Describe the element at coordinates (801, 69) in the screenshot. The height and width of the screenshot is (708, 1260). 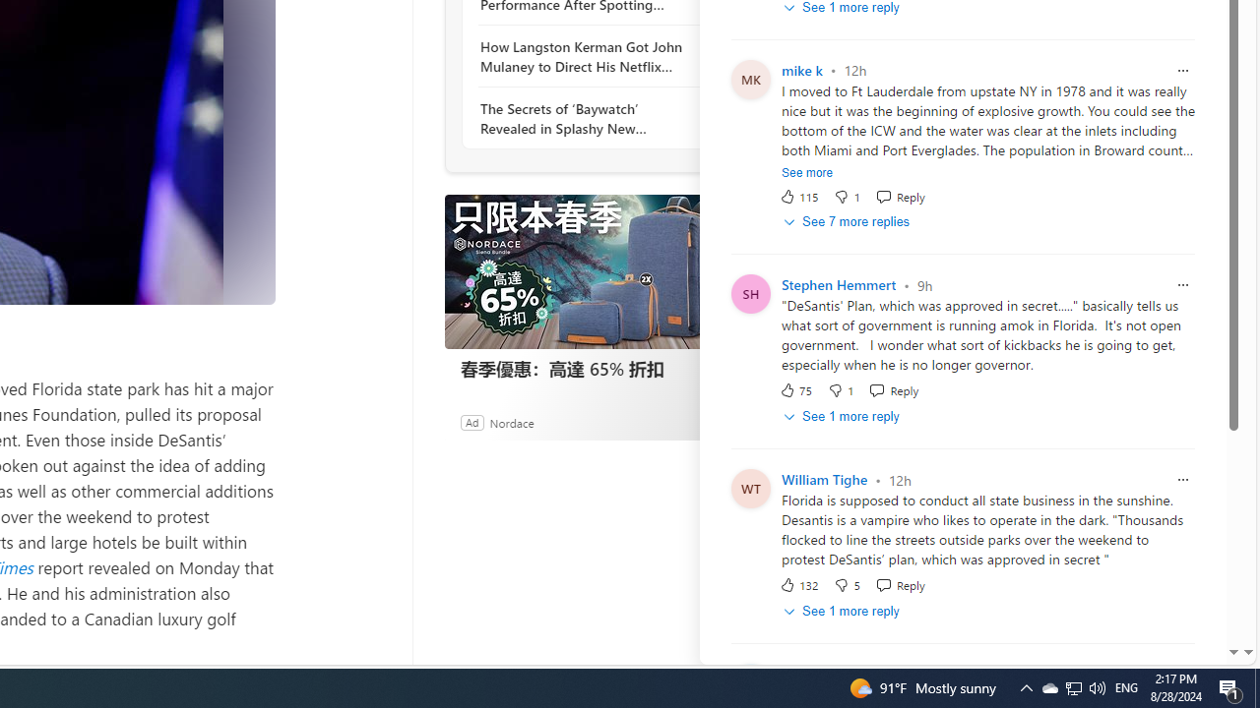
I see `'mike k'` at that location.